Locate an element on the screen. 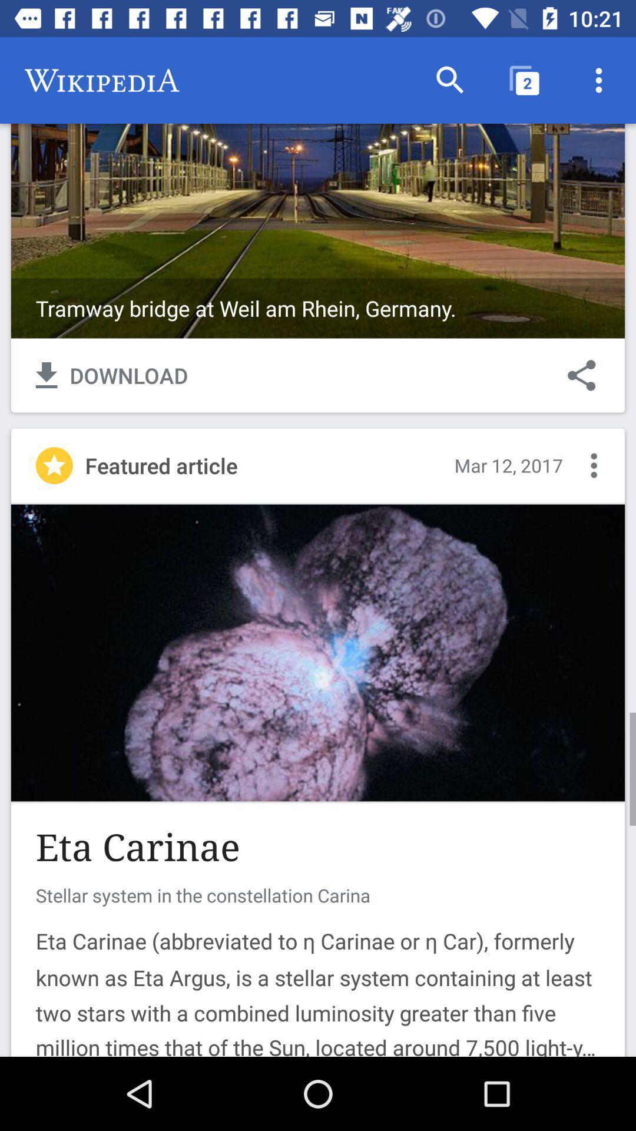 This screenshot has width=636, height=1131. the image is located at coordinates (318, 187).